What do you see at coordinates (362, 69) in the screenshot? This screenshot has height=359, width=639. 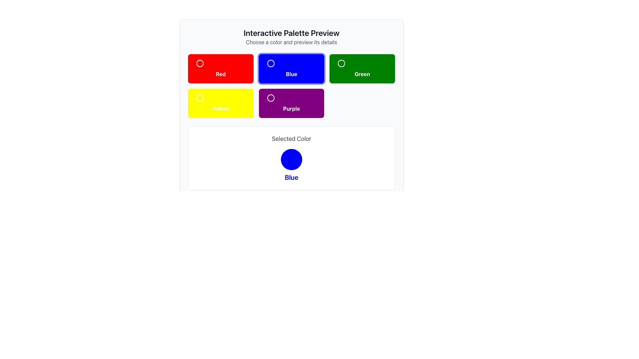 I see `the interactive button labeled 'Green' located at the top-right position of the grid layout` at bounding box center [362, 69].